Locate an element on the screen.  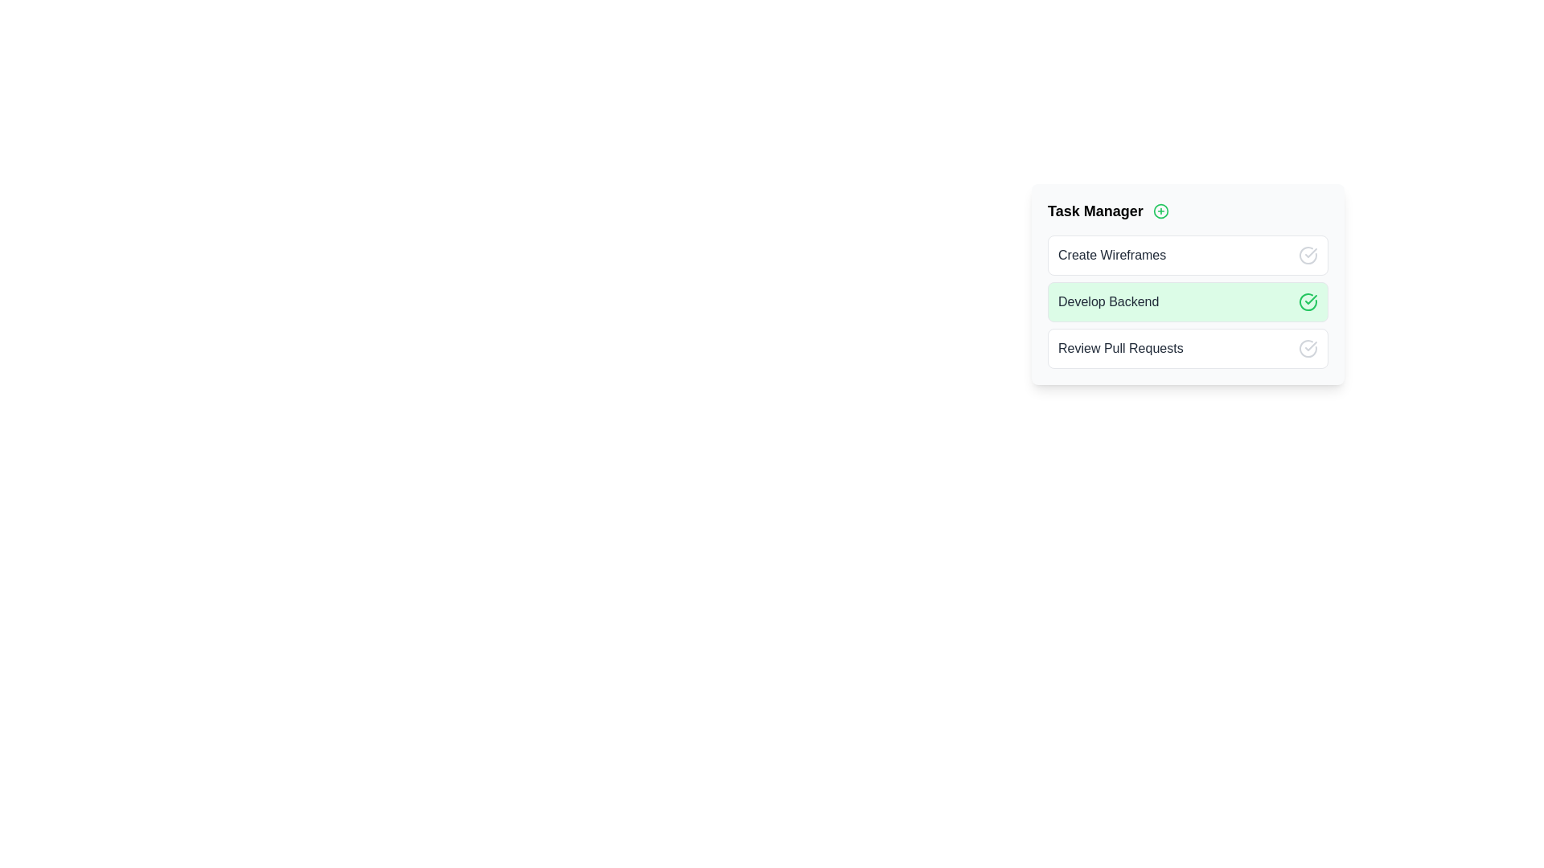
the text label that represents the task titled 'Create Wireframes' located at the top of the task list in the 'Task Manager' card is located at coordinates (1111, 254).